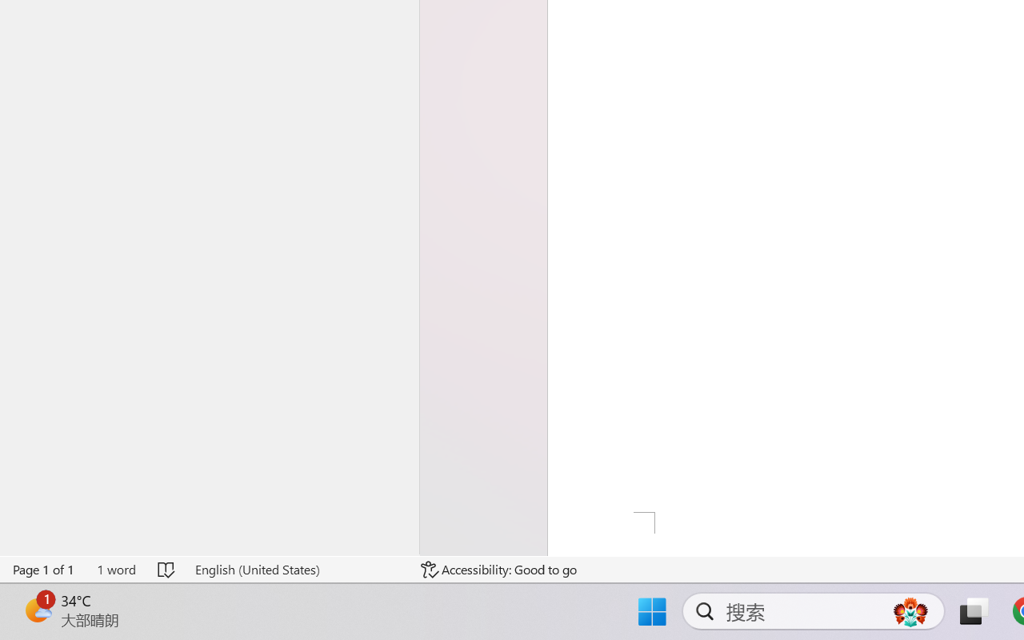  What do you see at coordinates (167, 569) in the screenshot?
I see `'Spelling and Grammar Check No Errors'` at bounding box center [167, 569].